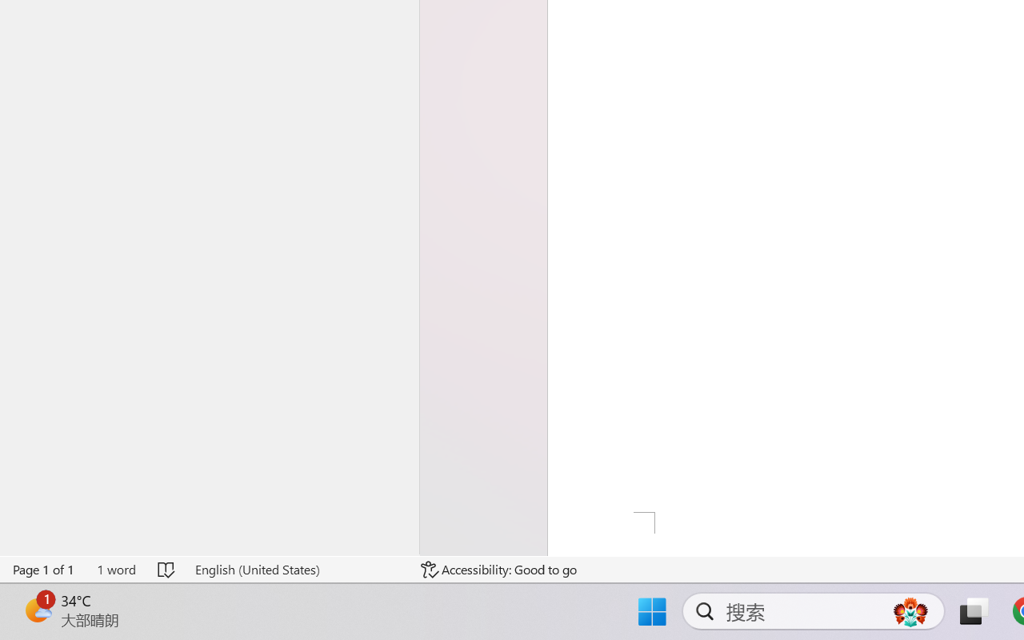  What do you see at coordinates (167, 569) in the screenshot?
I see `'Spelling and Grammar Check No Errors'` at bounding box center [167, 569].